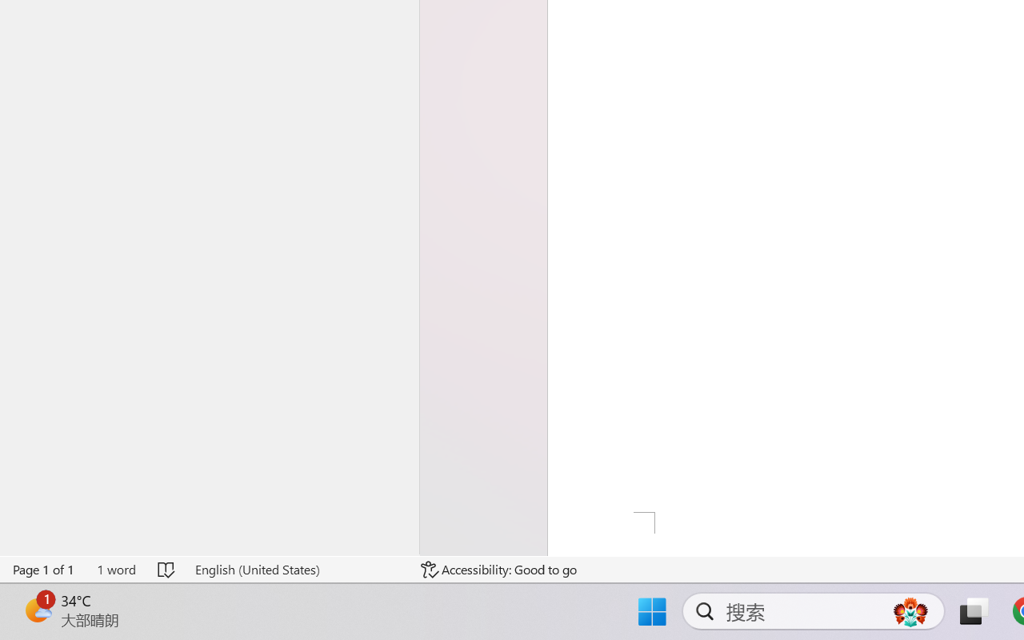  What do you see at coordinates (167, 569) in the screenshot?
I see `'Spelling and Grammar Check No Errors'` at bounding box center [167, 569].